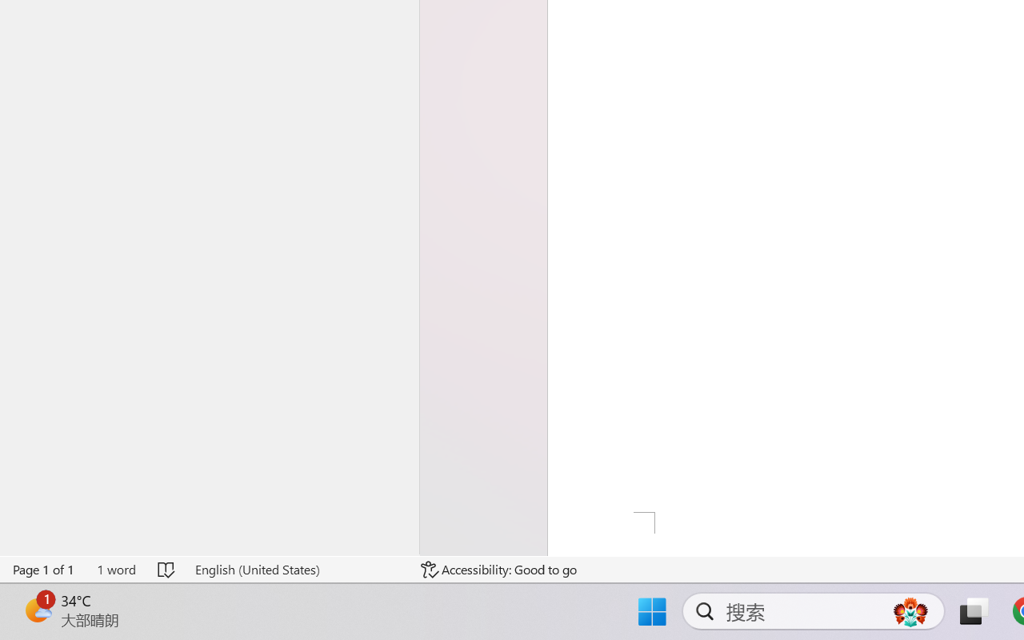  What do you see at coordinates (167, 569) in the screenshot?
I see `'Spelling and Grammar Check No Errors'` at bounding box center [167, 569].